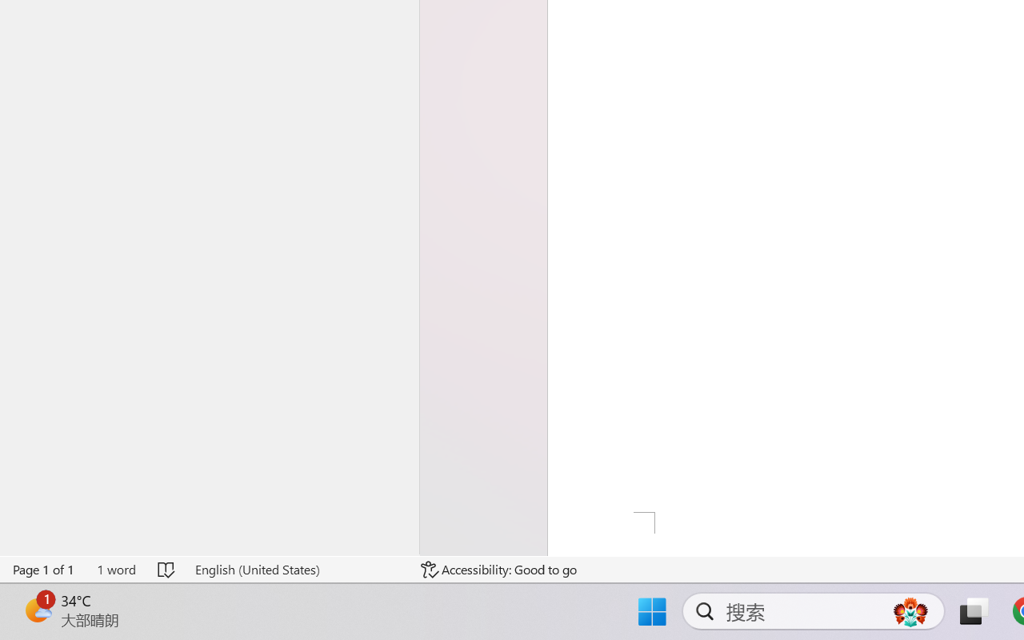  What do you see at coordinates (167, 569) in the screenshot?
I see `'Spelling and Grammar Check No Errors'` at bounding box center [167, 569].